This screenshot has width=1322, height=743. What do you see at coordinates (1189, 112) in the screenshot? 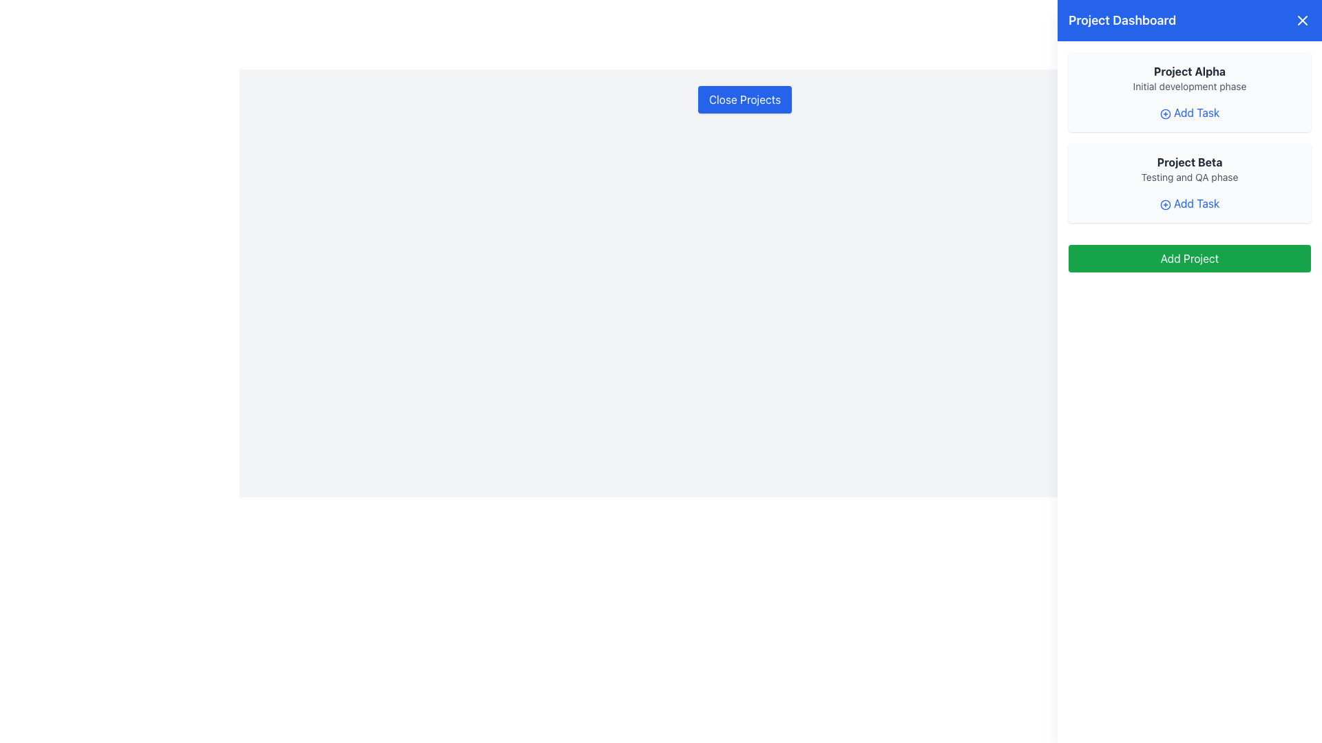
I see `the hyperlink or text button located in the 'Project Alpha' section on the right-hand side` at bounding box center [1189, 112].